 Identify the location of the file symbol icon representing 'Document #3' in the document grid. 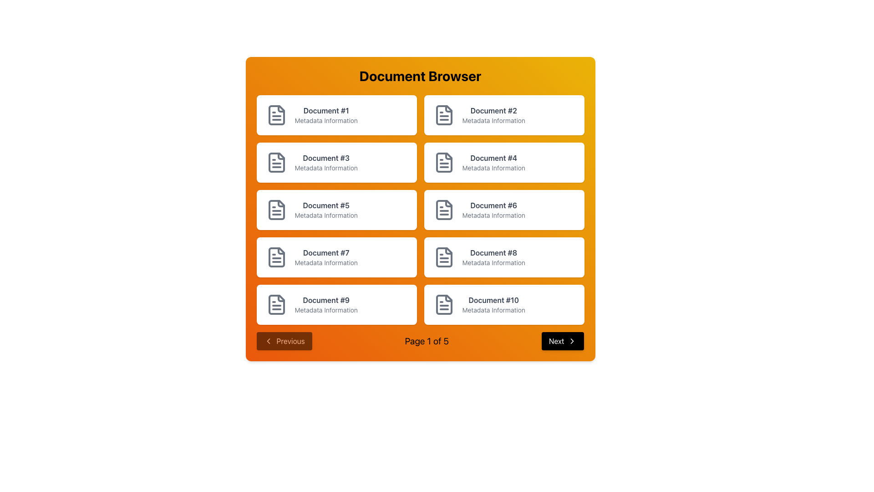
(276, 162).